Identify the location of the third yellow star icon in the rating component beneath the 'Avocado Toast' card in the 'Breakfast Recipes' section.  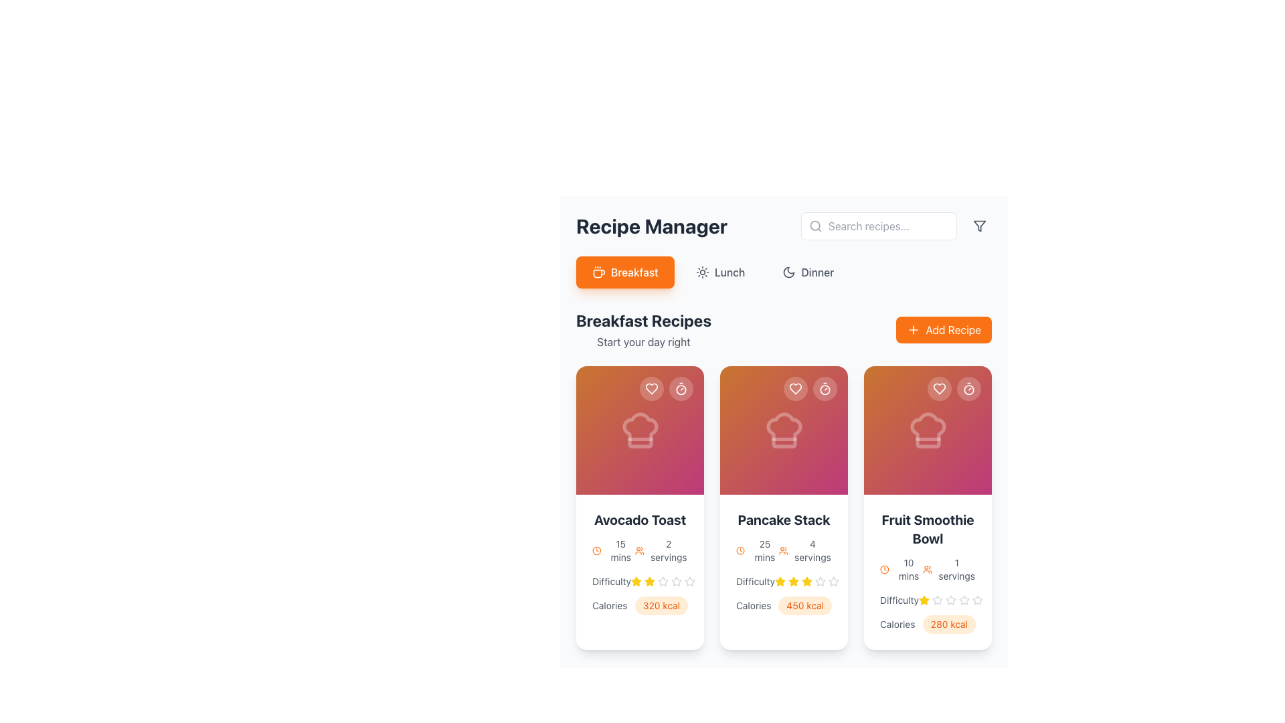
(649, 580).